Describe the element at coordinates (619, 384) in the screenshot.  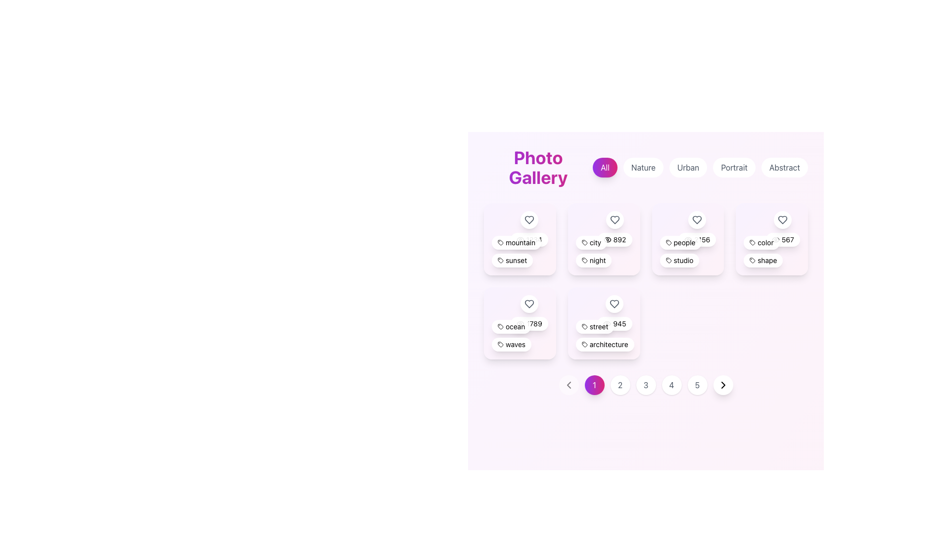
I see `the circular button with a white background and the number '2' centered in gray text` at that location.